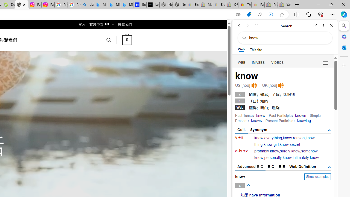 Image resolution: width=350 pixels, height=197 pixels. What do you see at coordinates (127, 40) in the screenshot?
I see `'  0  '` at bounding box center [127, 40].